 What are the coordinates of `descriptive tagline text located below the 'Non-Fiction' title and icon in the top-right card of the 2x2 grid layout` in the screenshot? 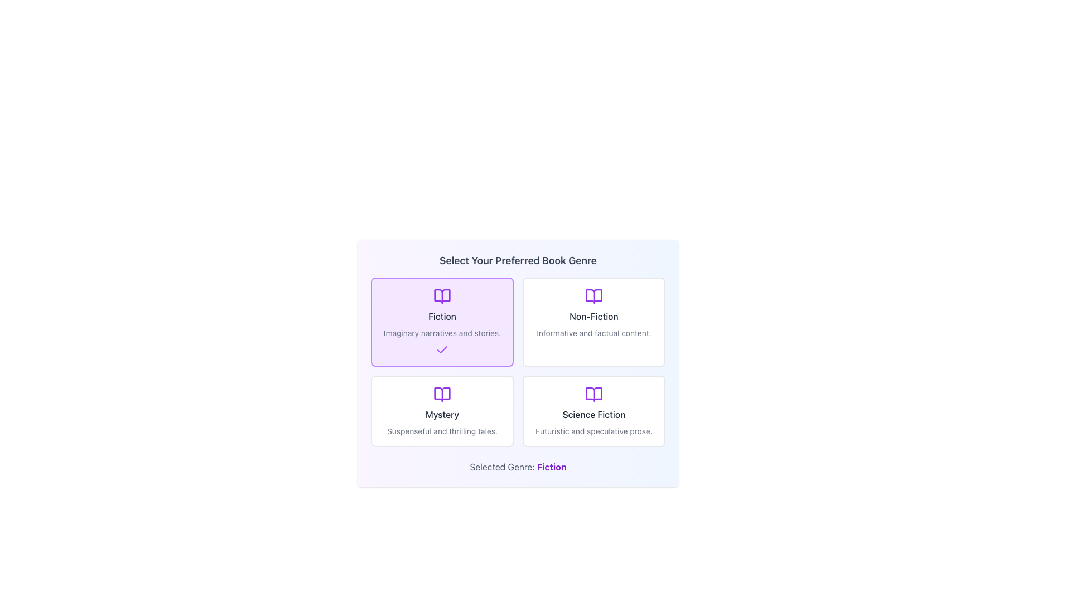 It's located at (594, 332).